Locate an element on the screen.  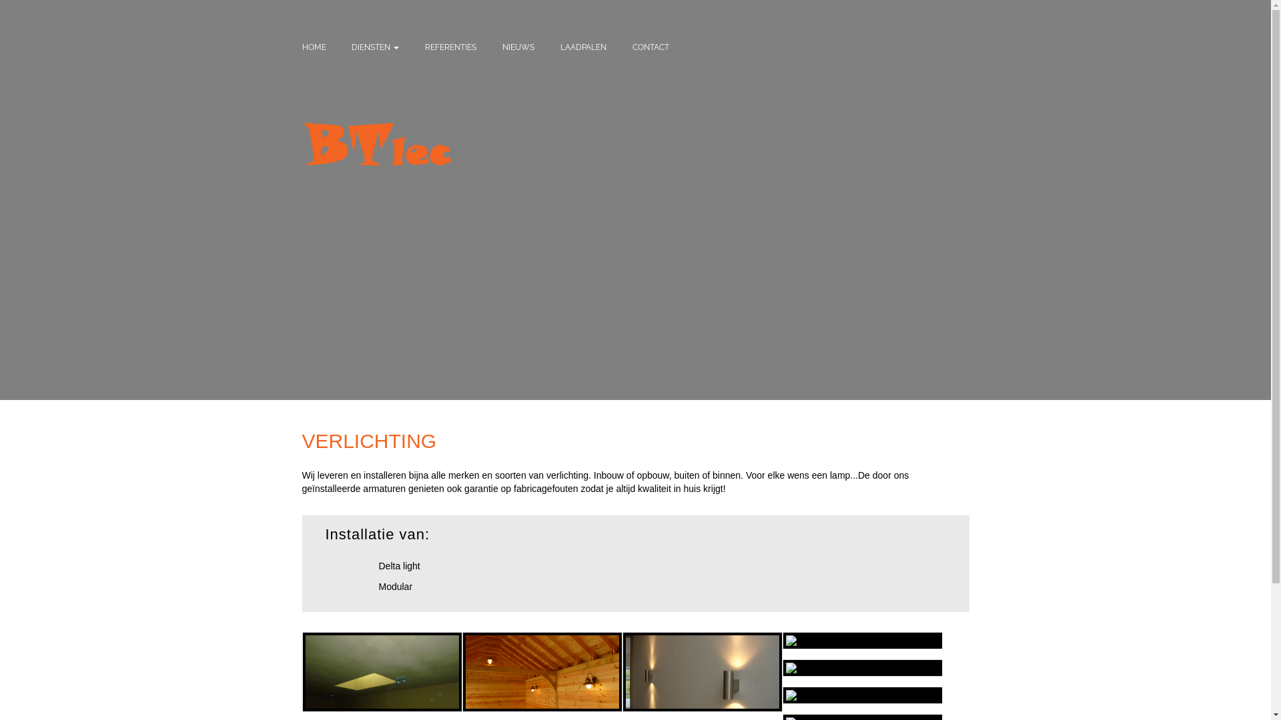
'NIEUWS' is located at coordinates (518, 46).